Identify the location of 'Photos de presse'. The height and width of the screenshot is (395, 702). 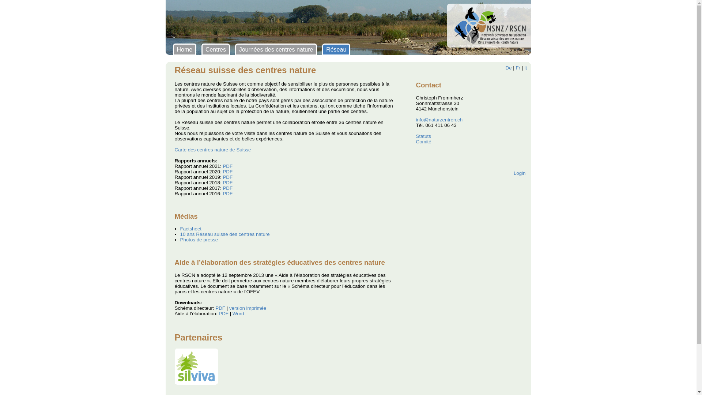
(199, 240).